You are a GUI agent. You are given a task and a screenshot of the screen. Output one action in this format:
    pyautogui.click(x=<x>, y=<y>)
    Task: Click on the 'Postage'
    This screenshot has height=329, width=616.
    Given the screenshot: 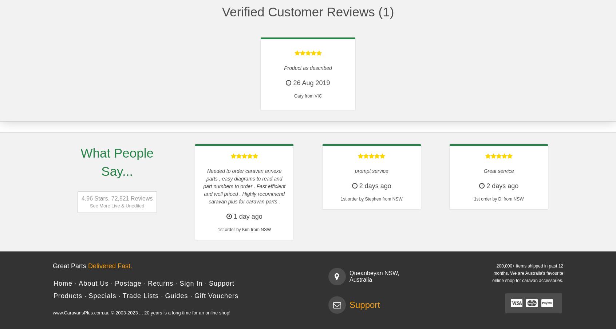 What is the action you would take?
    pyautogui.click(x=127, y=283)
    